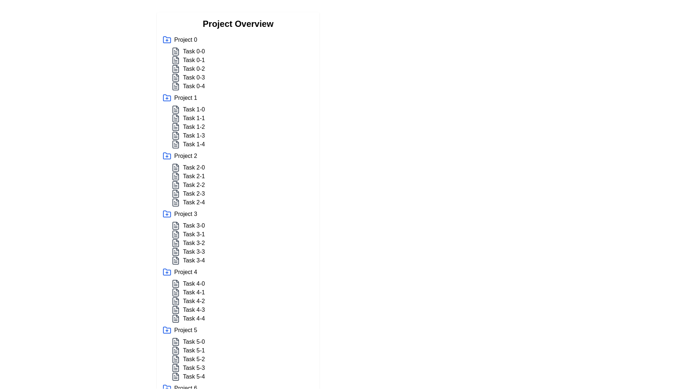 The height and width of the screenshot is (392, 697). I want to click on the 'Project 4' section of the collapsible list group to view options, so click(238, 295).